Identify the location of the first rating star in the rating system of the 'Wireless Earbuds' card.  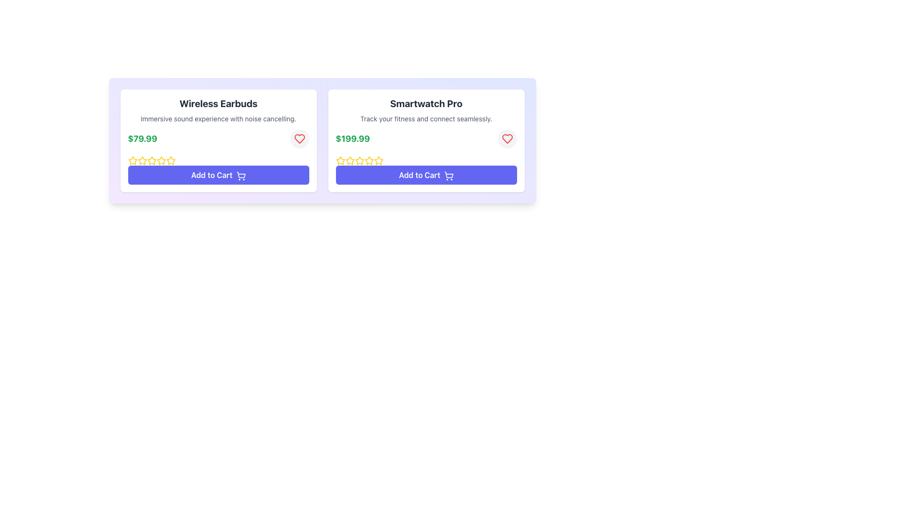
(142, 160).